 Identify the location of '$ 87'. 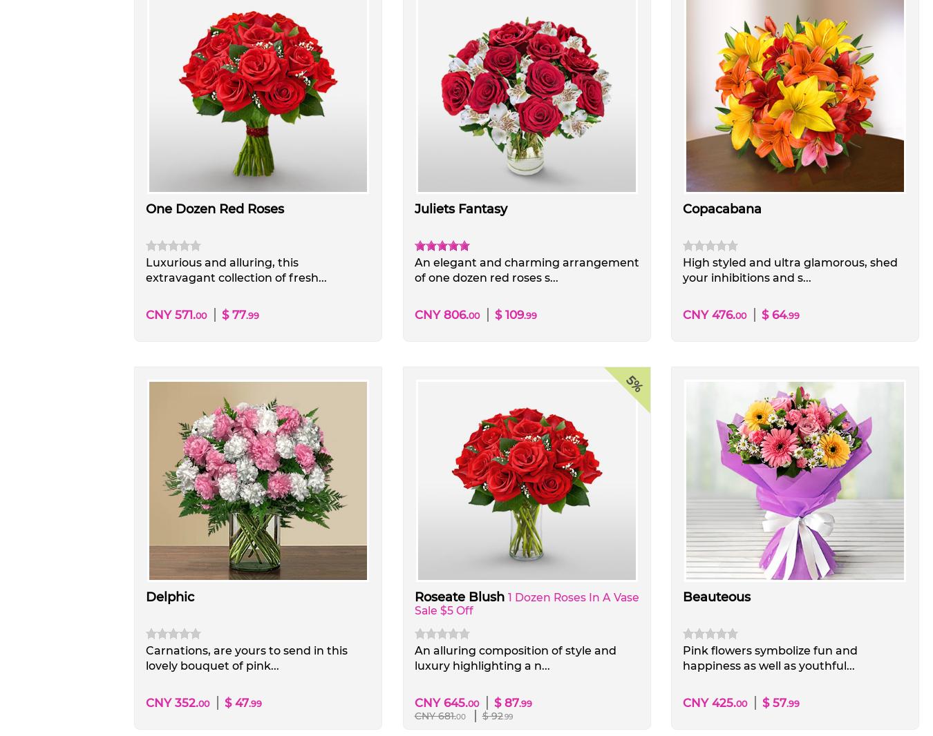
(505, 701).